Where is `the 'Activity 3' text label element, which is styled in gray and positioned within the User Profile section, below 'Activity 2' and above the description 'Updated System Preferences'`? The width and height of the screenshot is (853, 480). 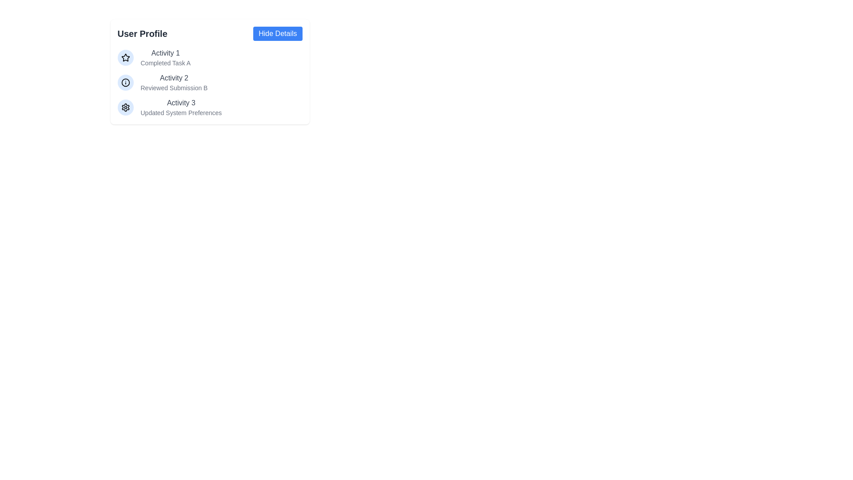
the 'Activity 3' text label element, which is styled in gray and positioned within the User Profile section, below 'Activity 2' and above the description 'Updated System Preferences' is located at coordinates (181, 102).